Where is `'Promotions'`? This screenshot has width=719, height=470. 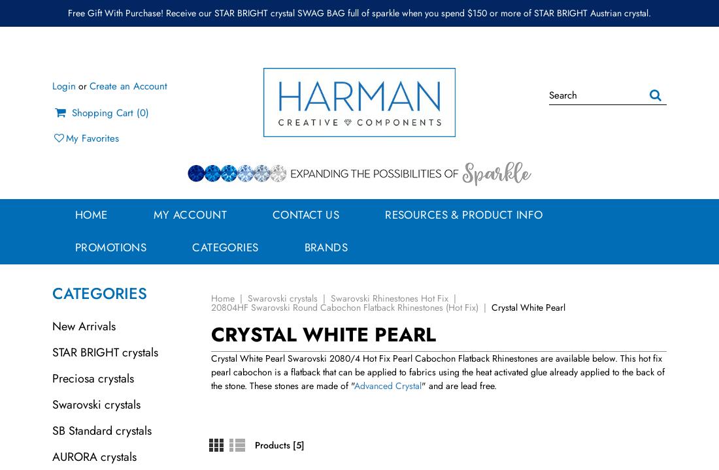 'Promotions' is located at coordinates (110, 247).